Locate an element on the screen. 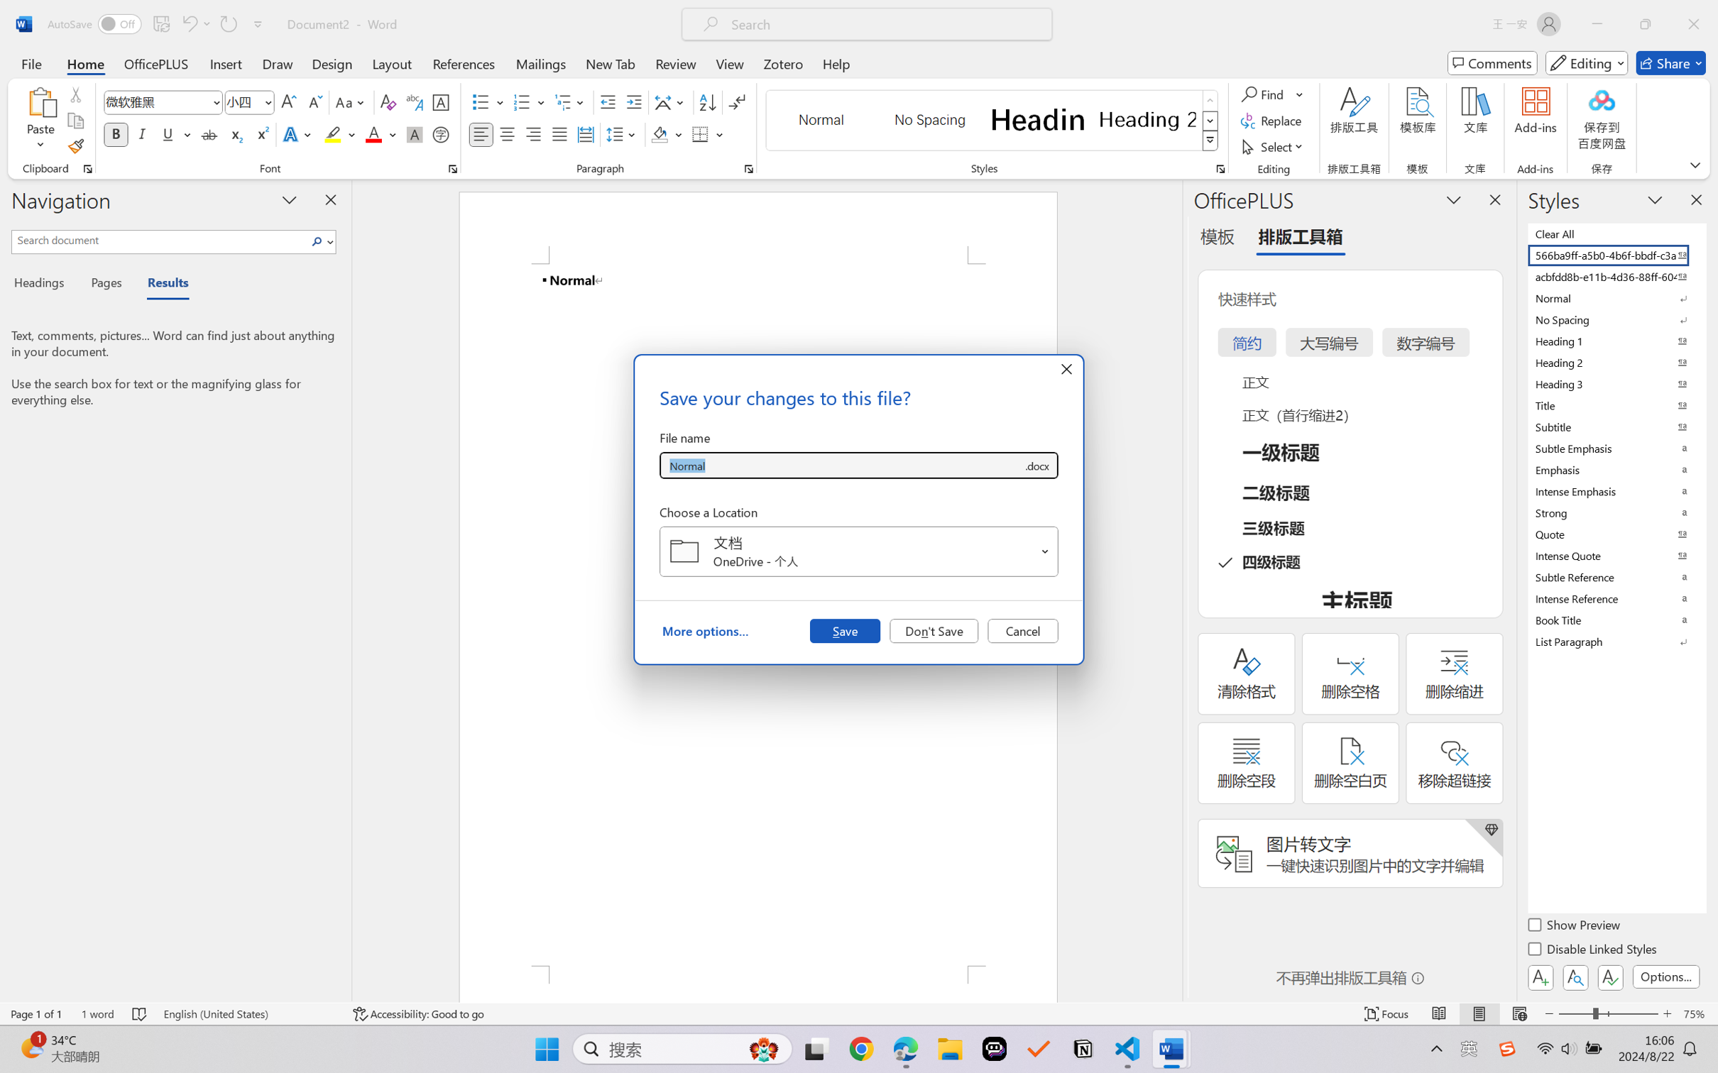 The width and height of the screenshot is (1718, 1073). 'Grow Font' is located at coordinates (288, 102).